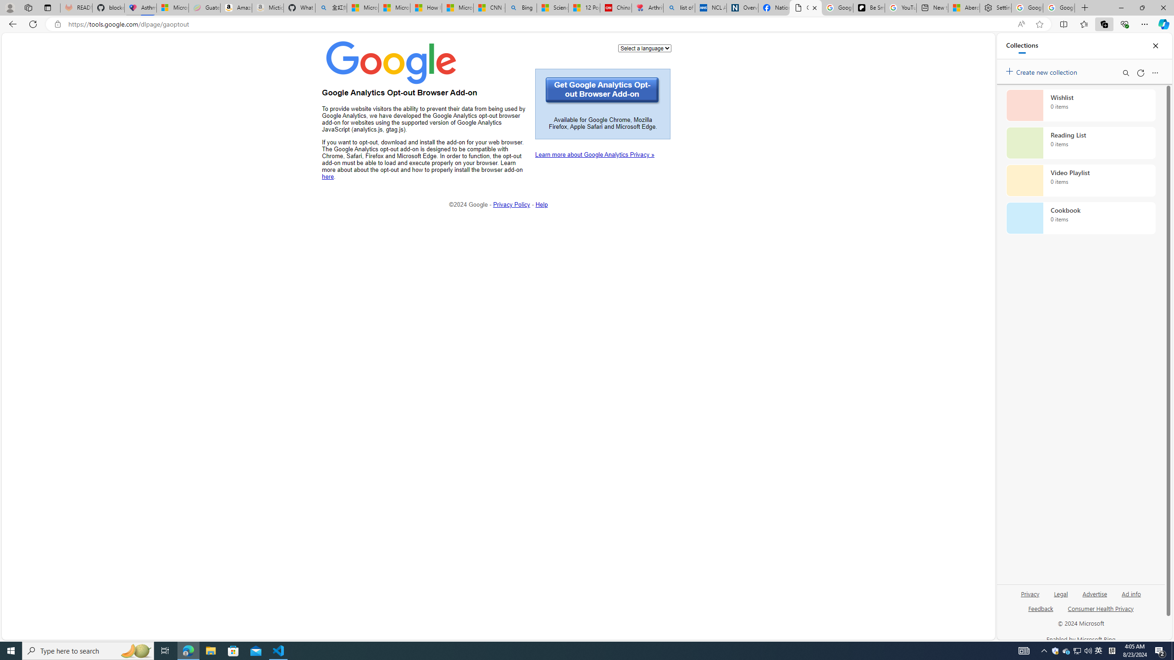 The image size is (1174, 660). What do you see at coordinates (1101, 611) in the screenshot?
I see `'Consumer Health Privacy'` at bounding box center [1101, 611].